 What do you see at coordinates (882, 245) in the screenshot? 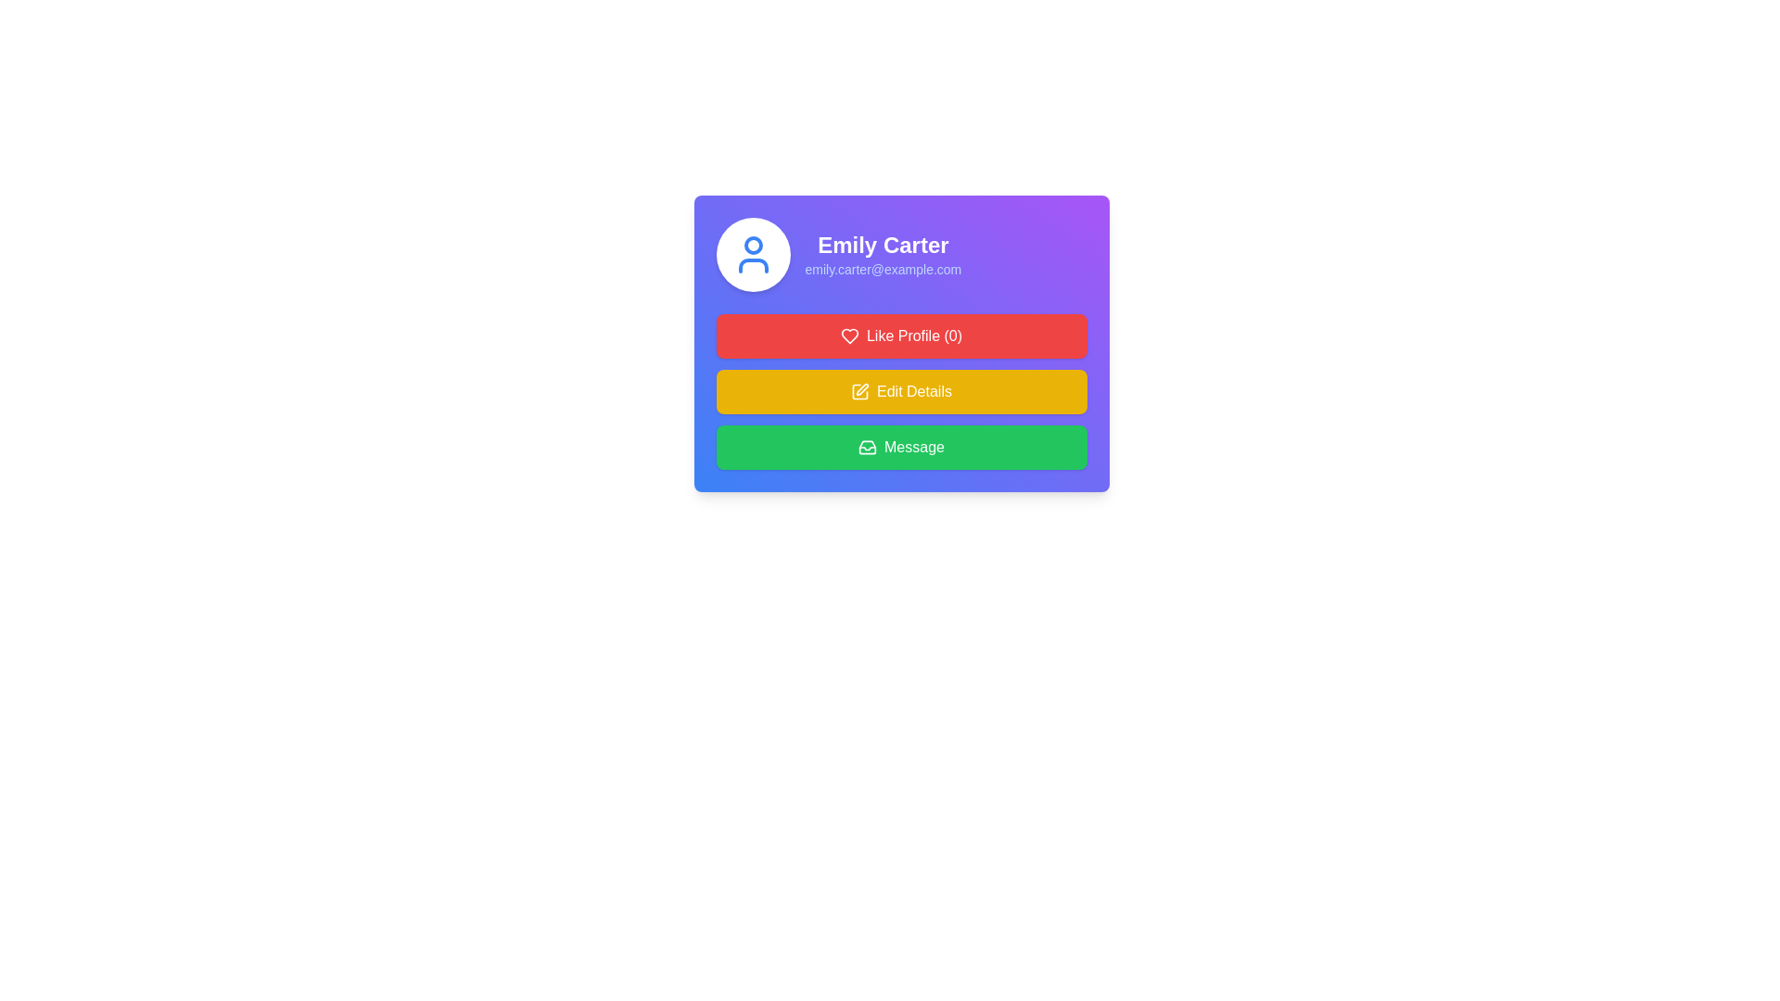
I see `the label displaying the name 'Emily Carter', which is in bold, large font, centered at the top of a card with a gradient purple and blue background` at bounding box center [882, 245].